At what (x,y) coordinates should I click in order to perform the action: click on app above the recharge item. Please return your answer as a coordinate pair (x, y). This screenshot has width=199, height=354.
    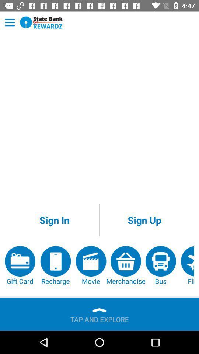
    Looking at the image, I should click on (54, 220).